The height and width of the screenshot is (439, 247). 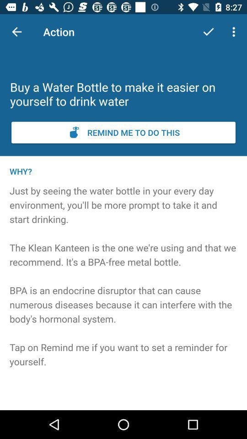 What do you see at coordinates (123, 132) in the screenshot?
I see `the item above why? icon` at bounding box center [123, 132].